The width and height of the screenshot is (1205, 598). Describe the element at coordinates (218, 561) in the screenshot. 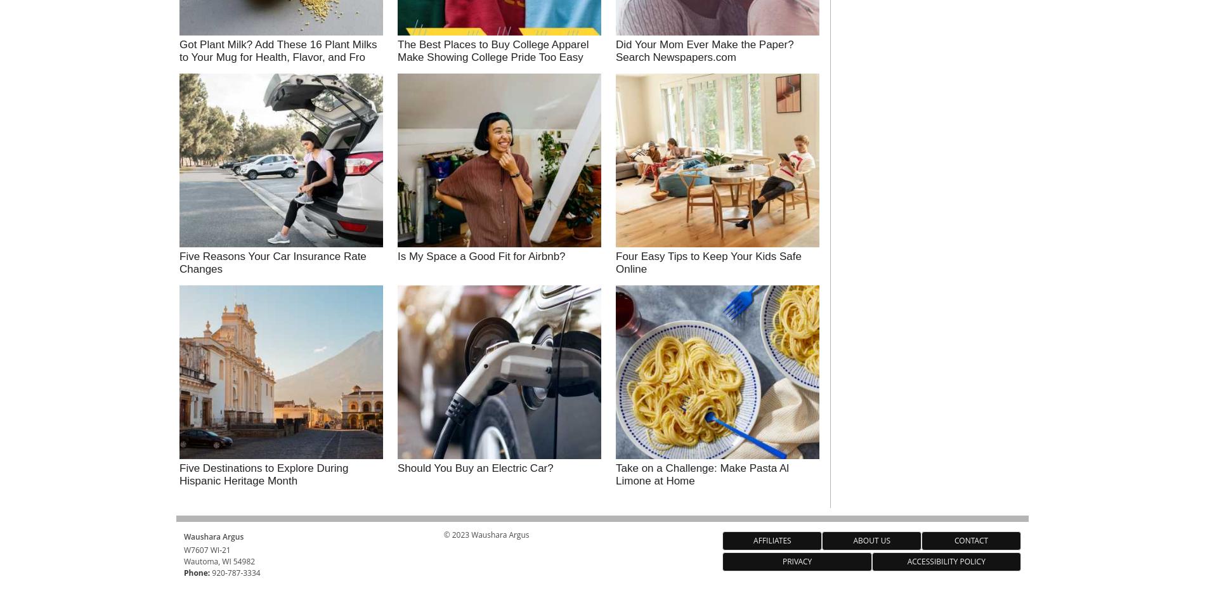

I see `'Wautoma, WI 54982'` at that location.